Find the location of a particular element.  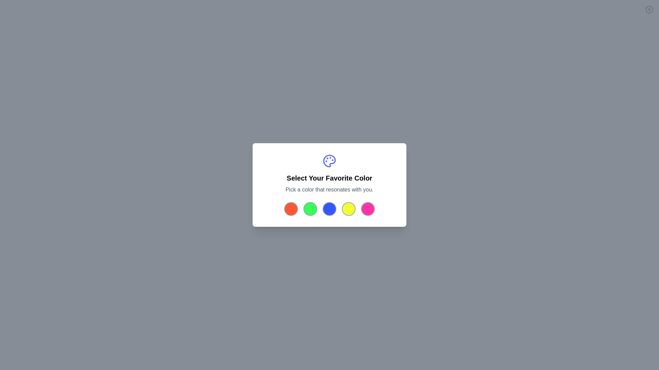

the color button corresponding to red is located at coordinates (291, 208).